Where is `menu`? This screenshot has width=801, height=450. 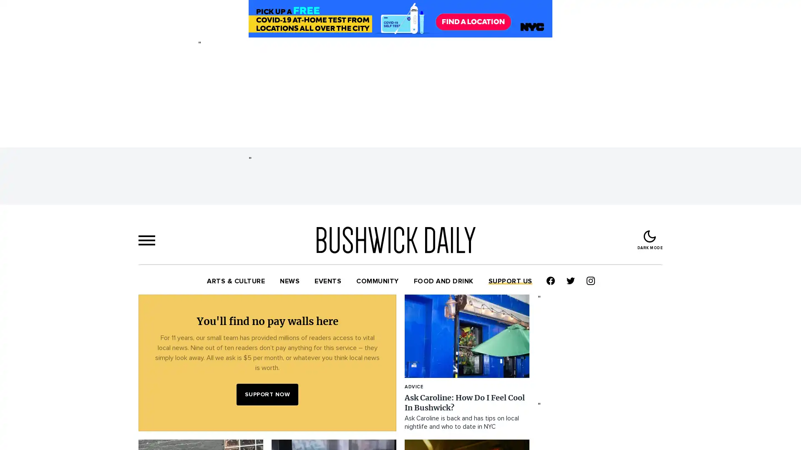 menu is located at coordinates (146, 240).